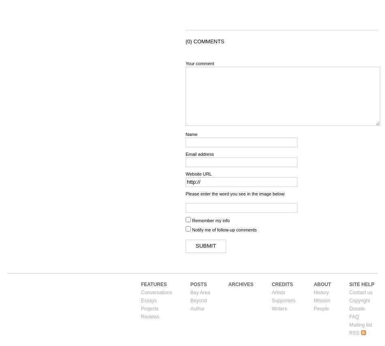 The image size is (385, 346). What do you see at coordinates (279, 308) in the screenshot?
I see `'Writers'` at bounding box center [279, 308].